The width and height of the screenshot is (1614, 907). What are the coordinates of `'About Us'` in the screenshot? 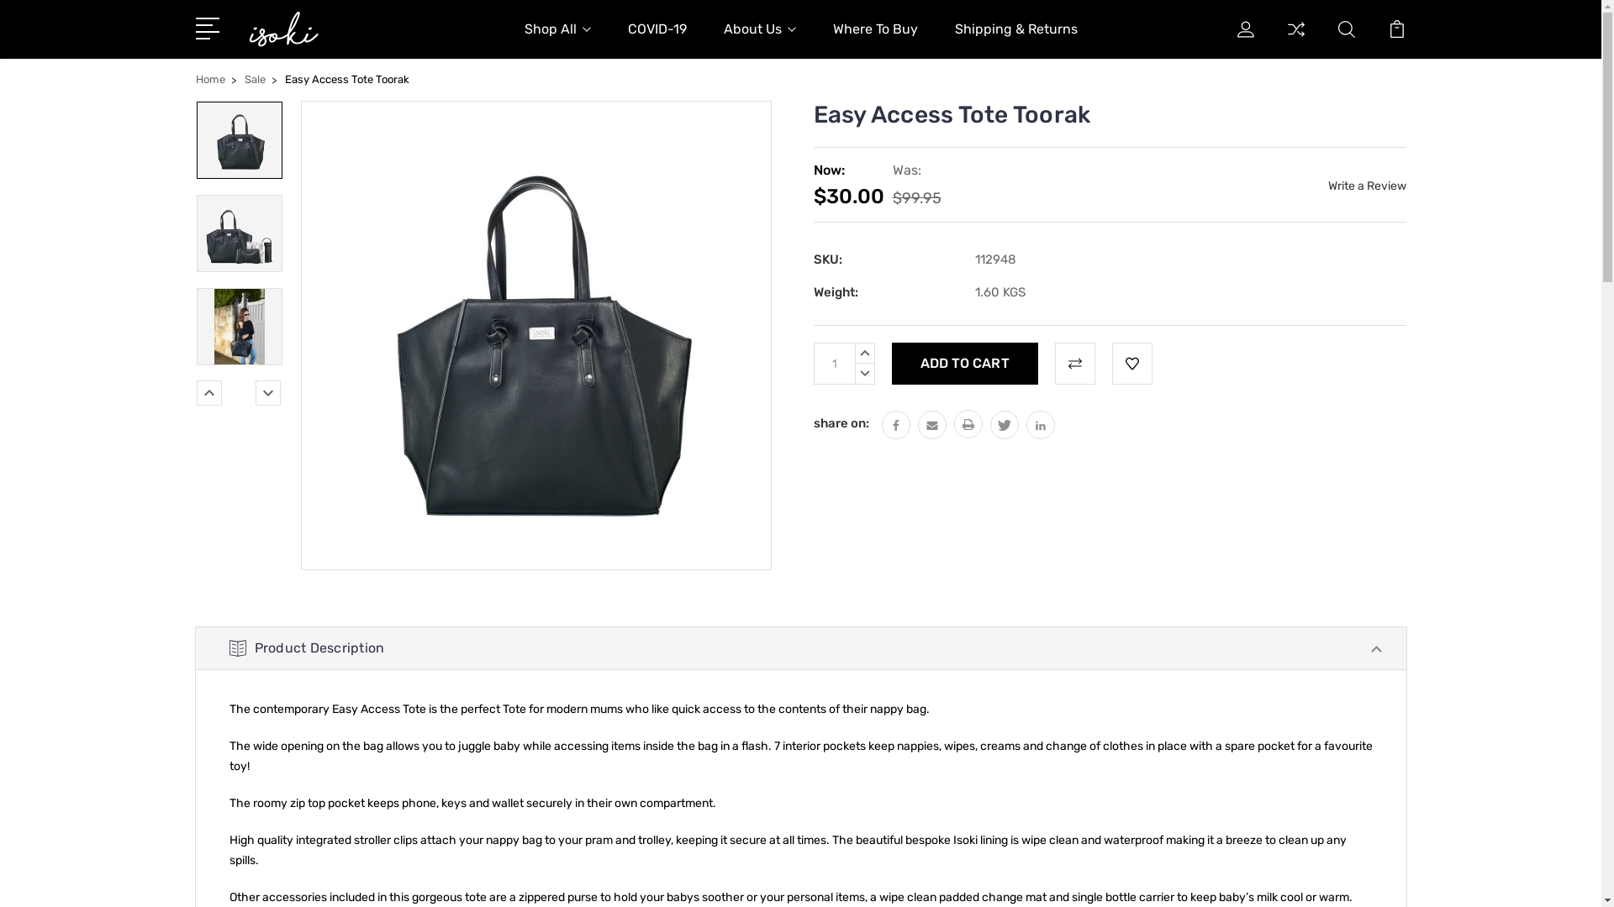 It's located at (757, 38).